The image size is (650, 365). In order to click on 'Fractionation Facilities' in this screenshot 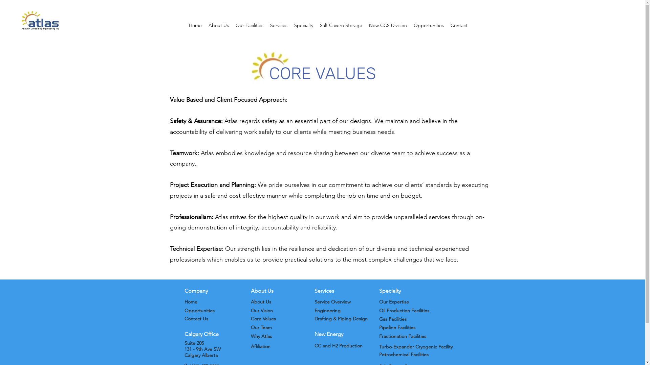, I will do `click(403, 336)`.